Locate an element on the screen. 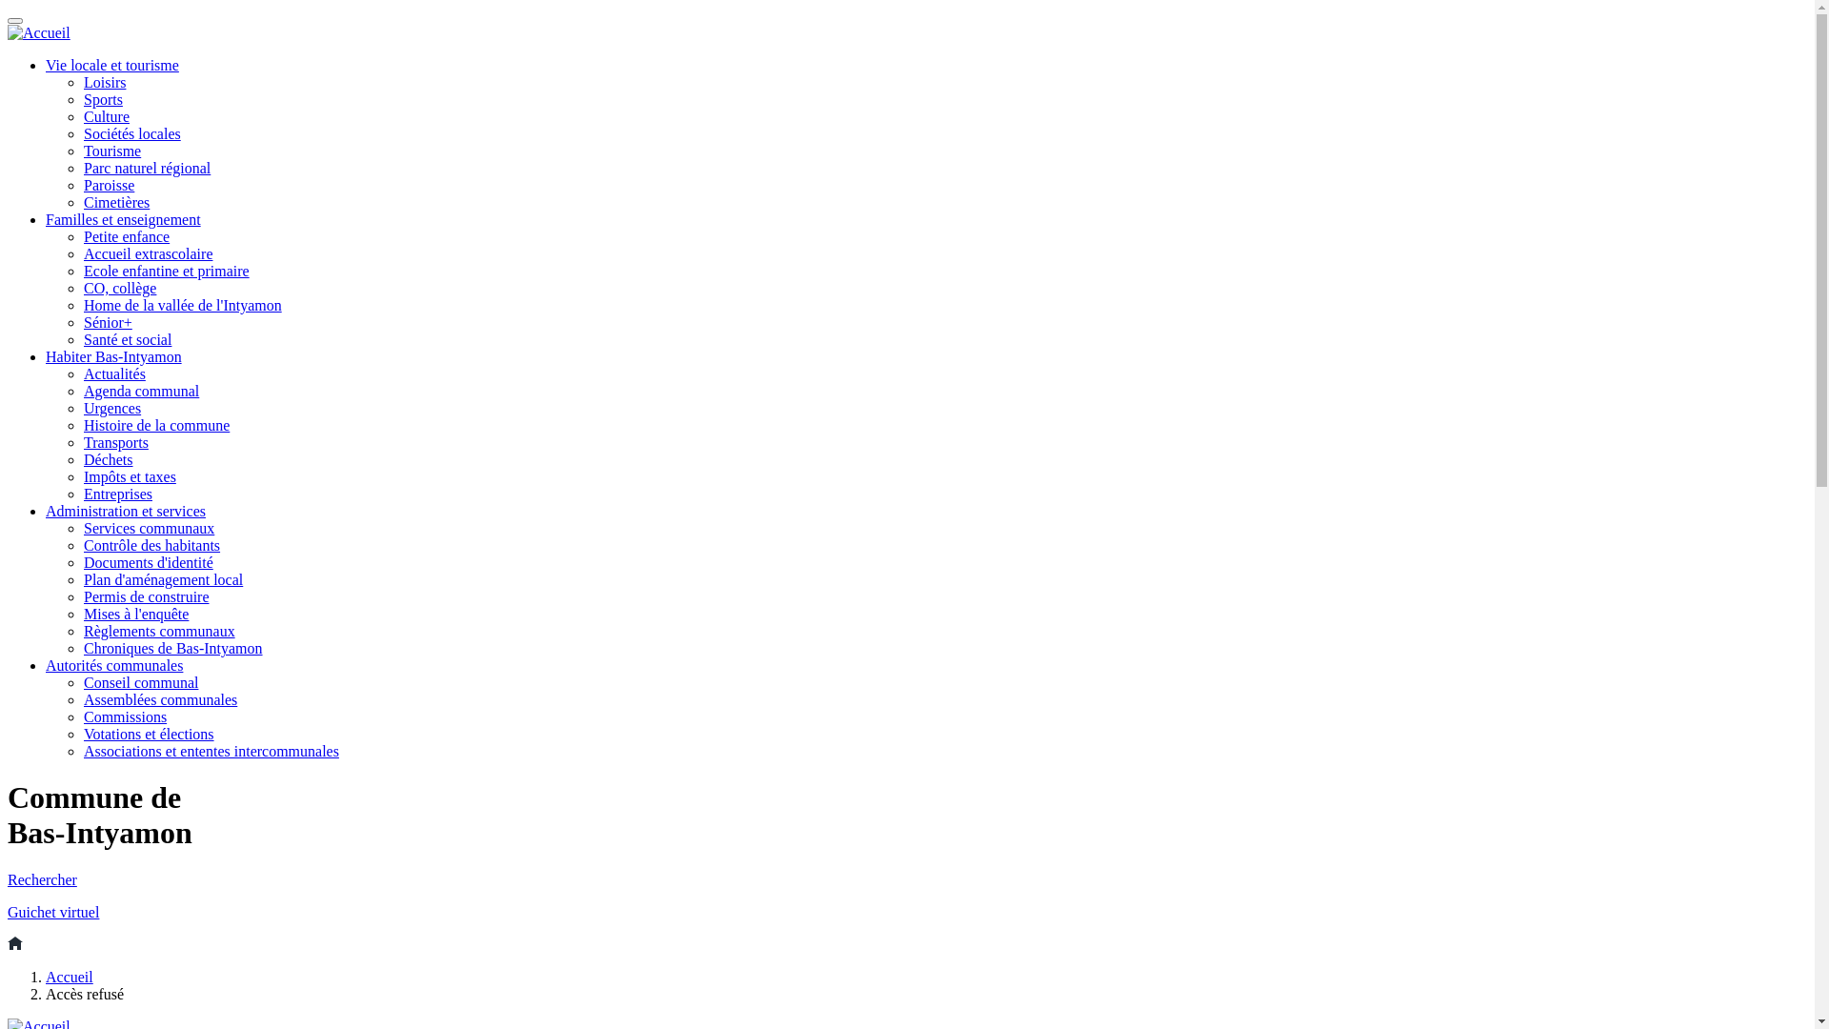  'Urgences' is located at coordinates (111, 407).